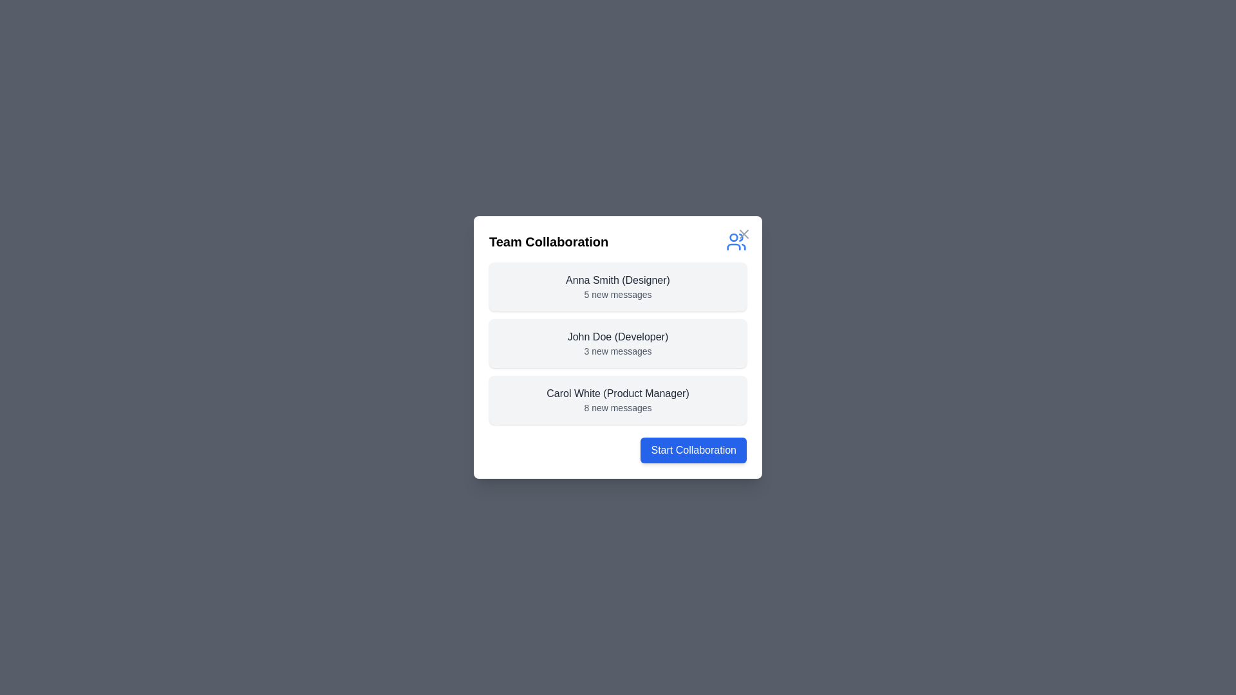 The width and height of the screenshot is (1236, 695). What do you see at coordinates (692, 449) in the screenshot?
I see `'Start Collaboration' button to initiate a collaborative session` at bounding box center [692, 449].